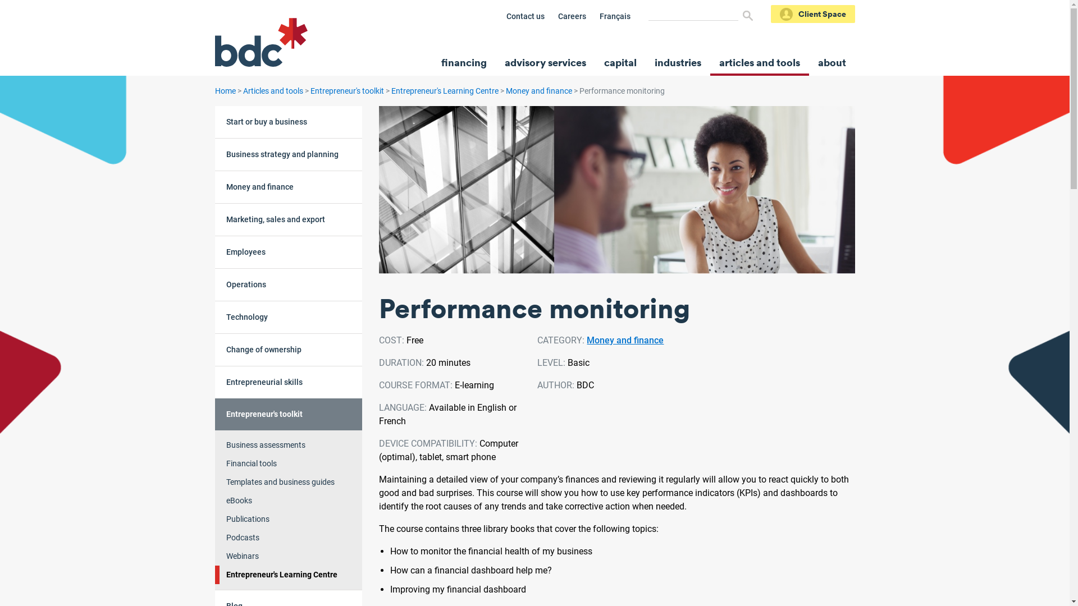 The height and width of the screenshot is (606, 1078). What do you see at coordinates (214, 537) in the screenshot?
I see `'Podcasts'` at bounding box center [214, 537].